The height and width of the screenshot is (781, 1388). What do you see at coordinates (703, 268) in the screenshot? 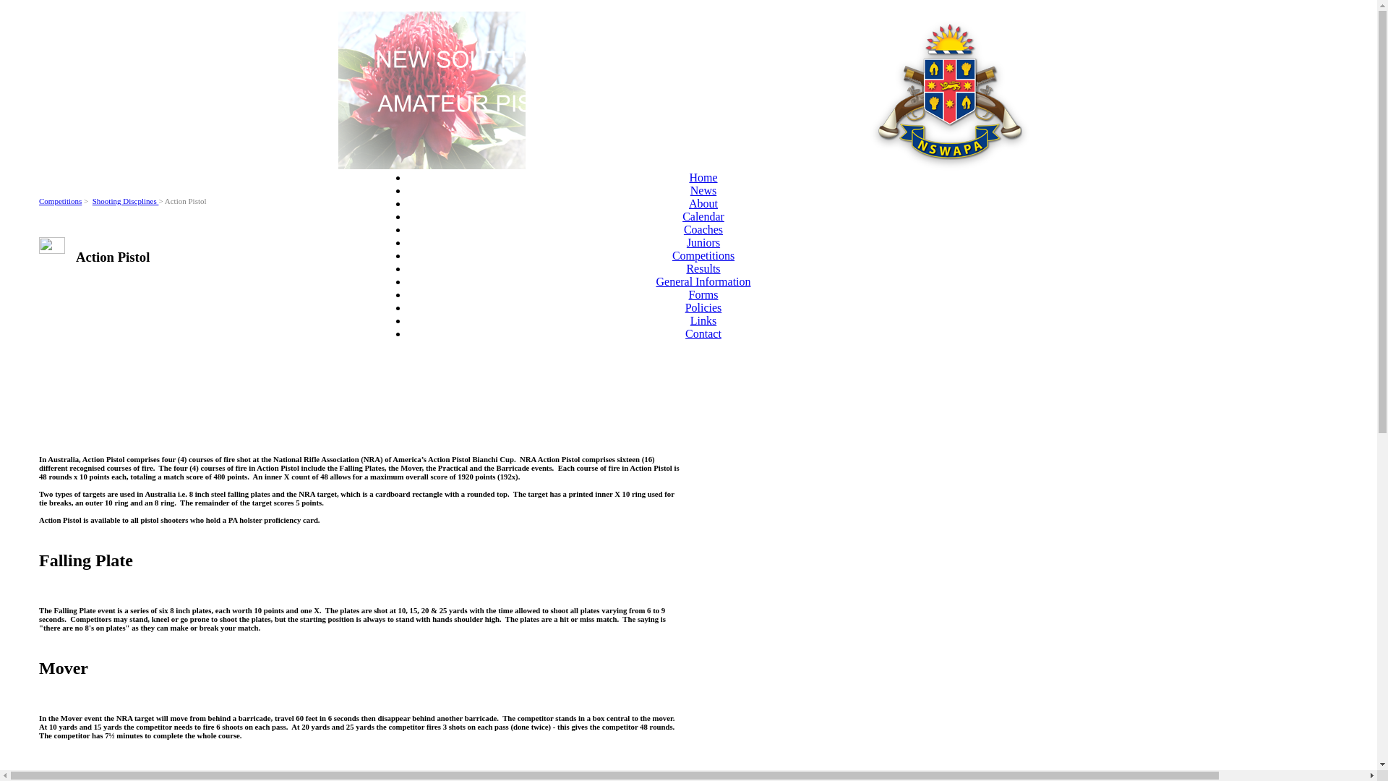
I see `'Results'` at bounding box center [703, 268].